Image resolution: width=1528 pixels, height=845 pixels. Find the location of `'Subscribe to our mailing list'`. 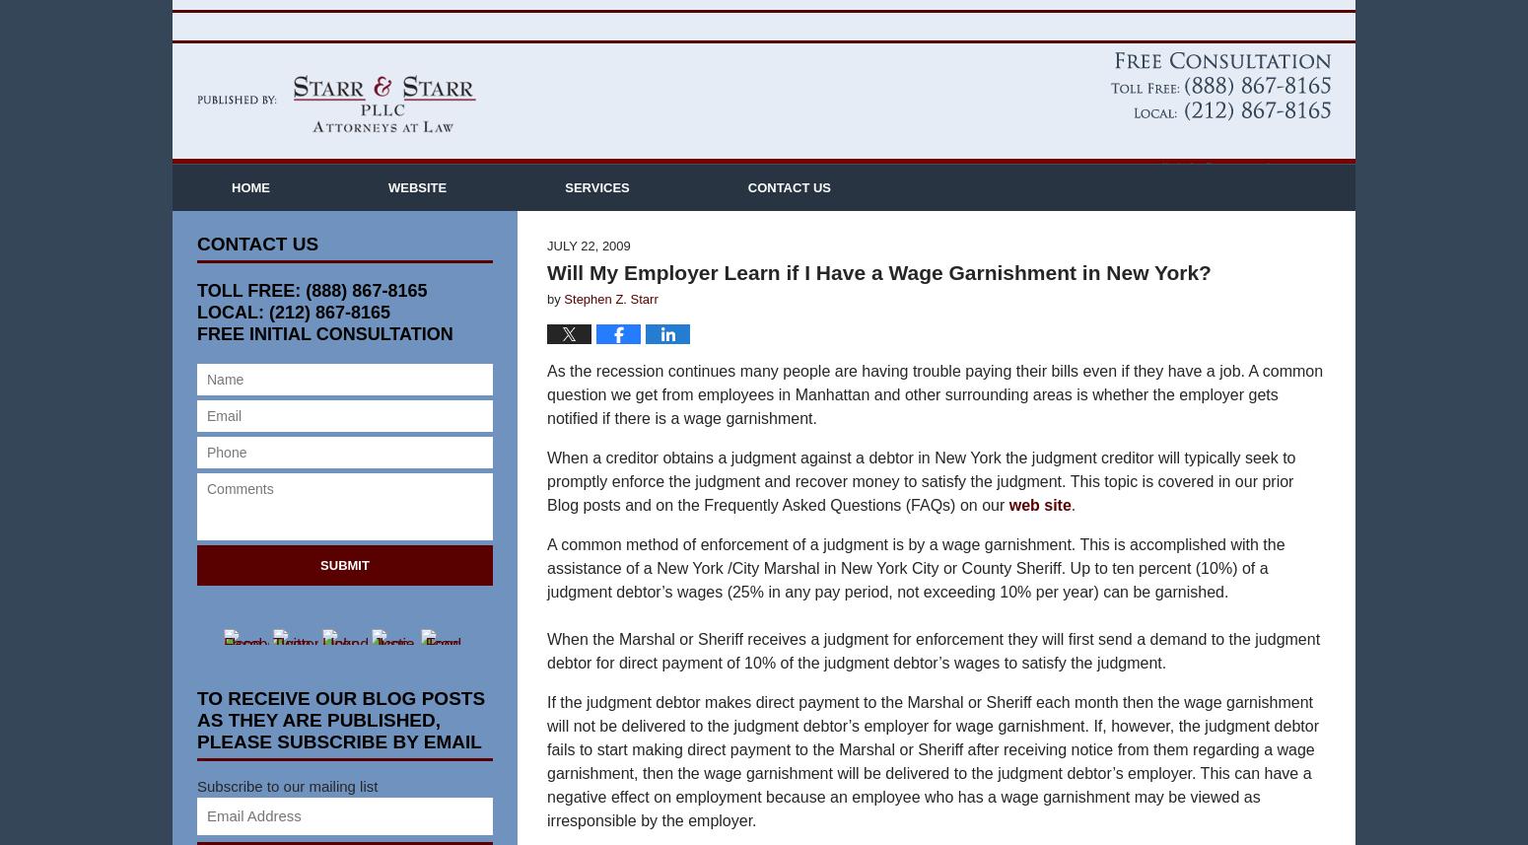

'Subscribe to our mailing list' is located at coordinates (287, 815).